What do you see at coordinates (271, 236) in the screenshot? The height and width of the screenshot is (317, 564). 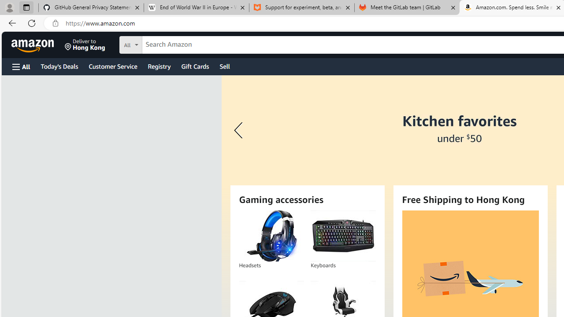 I see `'Headsets'` at bounding box center [271, 236].